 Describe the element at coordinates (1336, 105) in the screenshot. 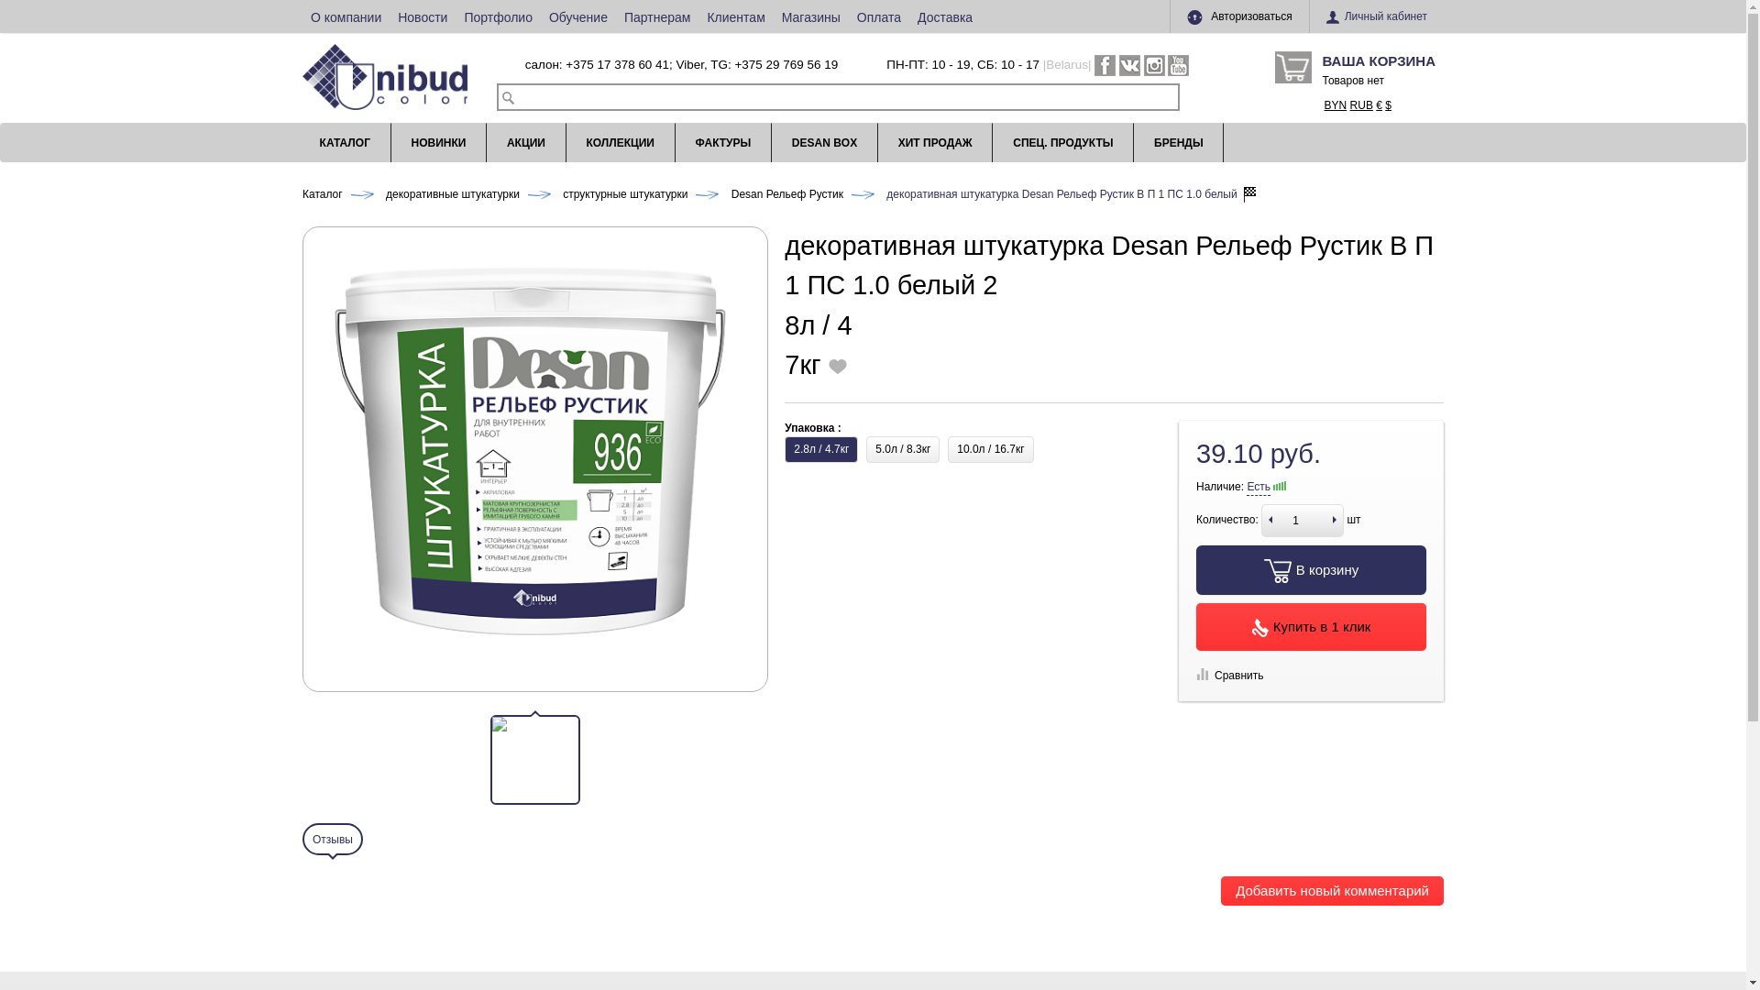

I see `'BYN'` at that location.